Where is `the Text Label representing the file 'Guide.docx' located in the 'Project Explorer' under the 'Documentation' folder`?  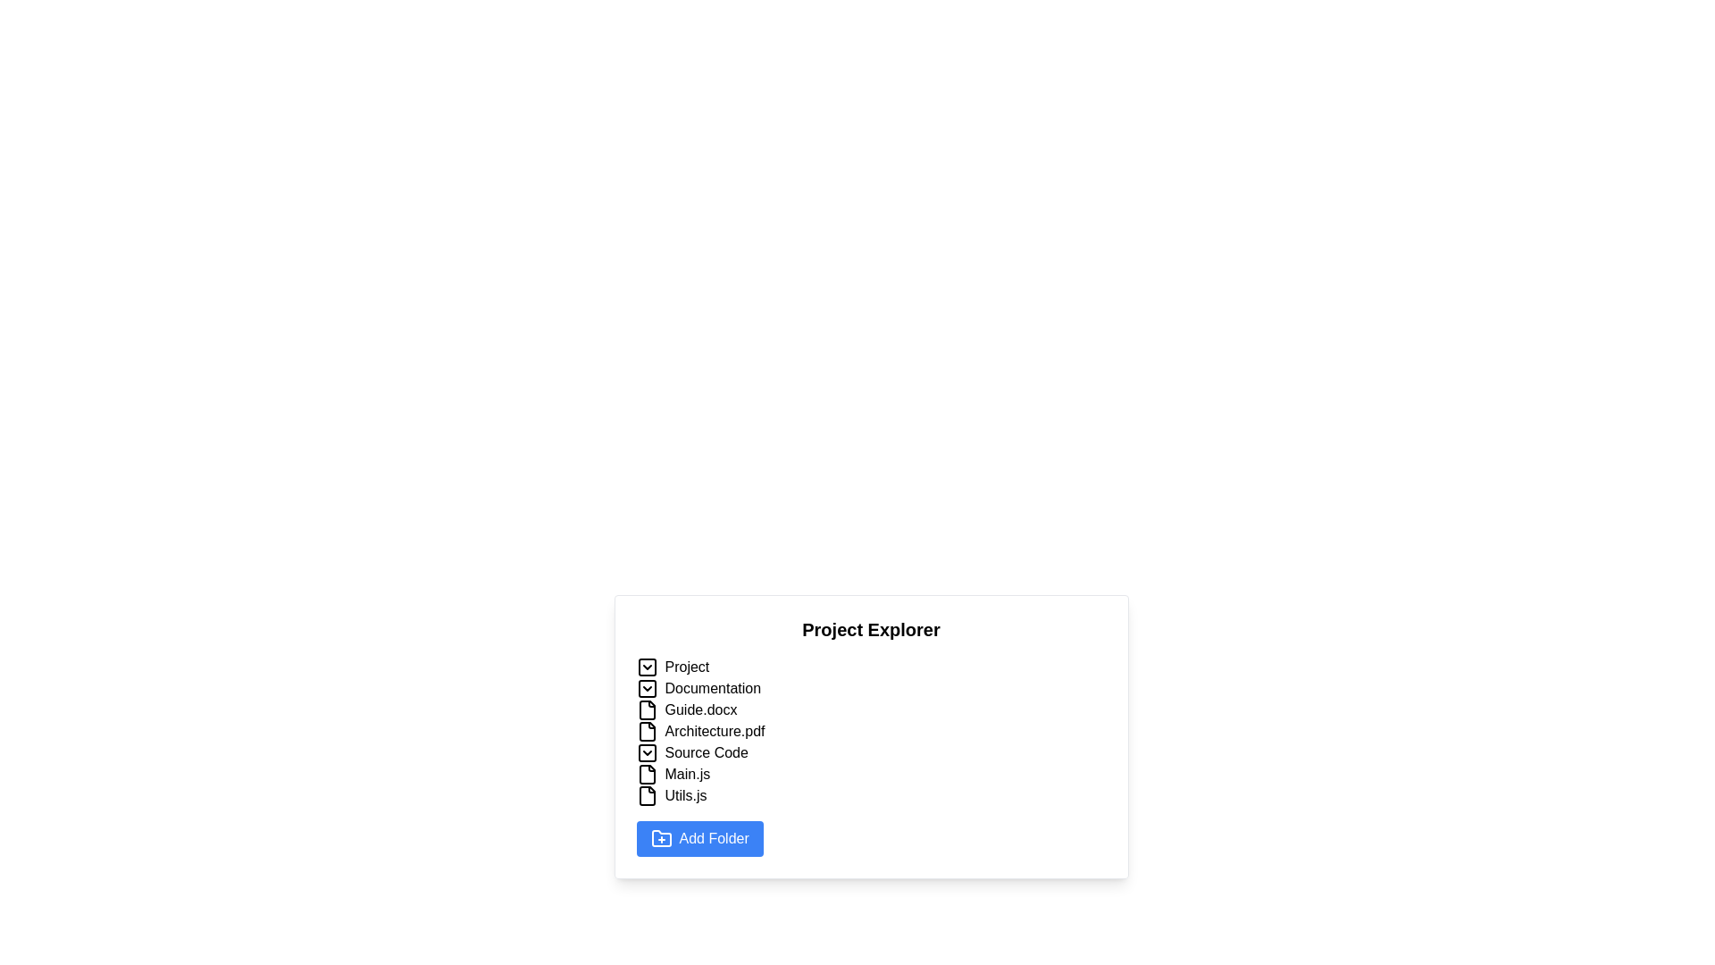 the Text Label representing the file 'Guide.docx' located in the 'Project Explorer' under the 'Documentation' folder is located at coordinates (699, 709).